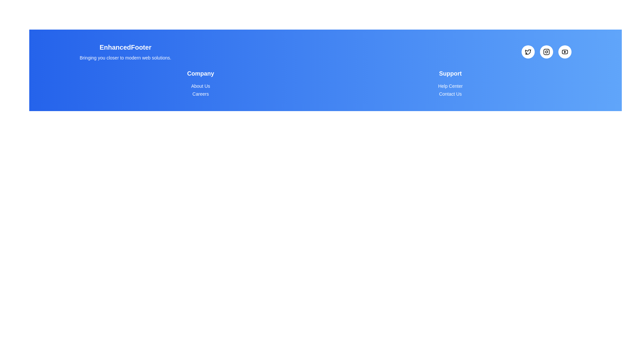  Describe the element at coordinates (200, 86) in the screenshot. I see `the 'About Us' hyperlink located in the footer section under the heading 'Company' to visualize any hover effects` at that location.